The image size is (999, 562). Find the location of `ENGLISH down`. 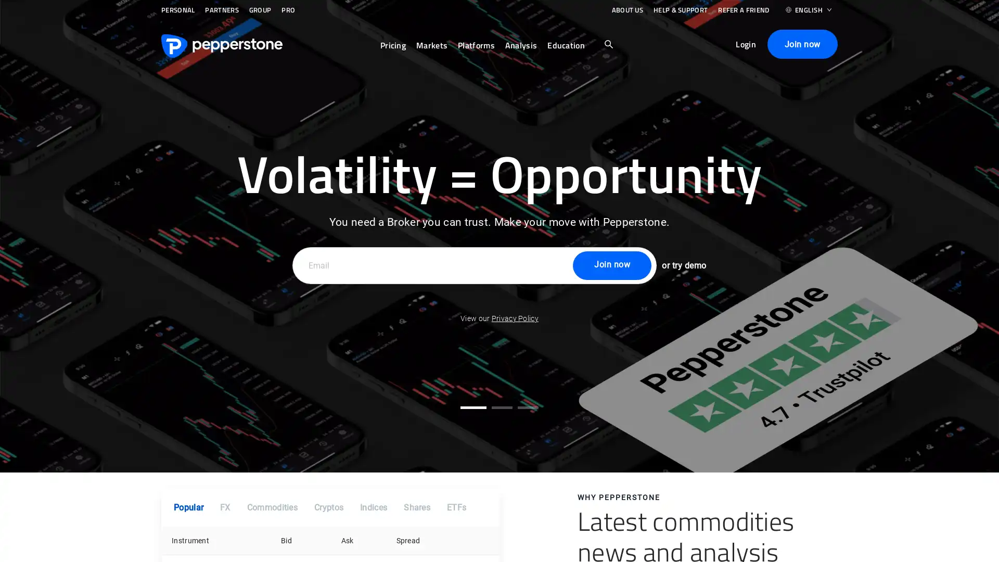

ENGLISH down is located at coordinates (808, 12).